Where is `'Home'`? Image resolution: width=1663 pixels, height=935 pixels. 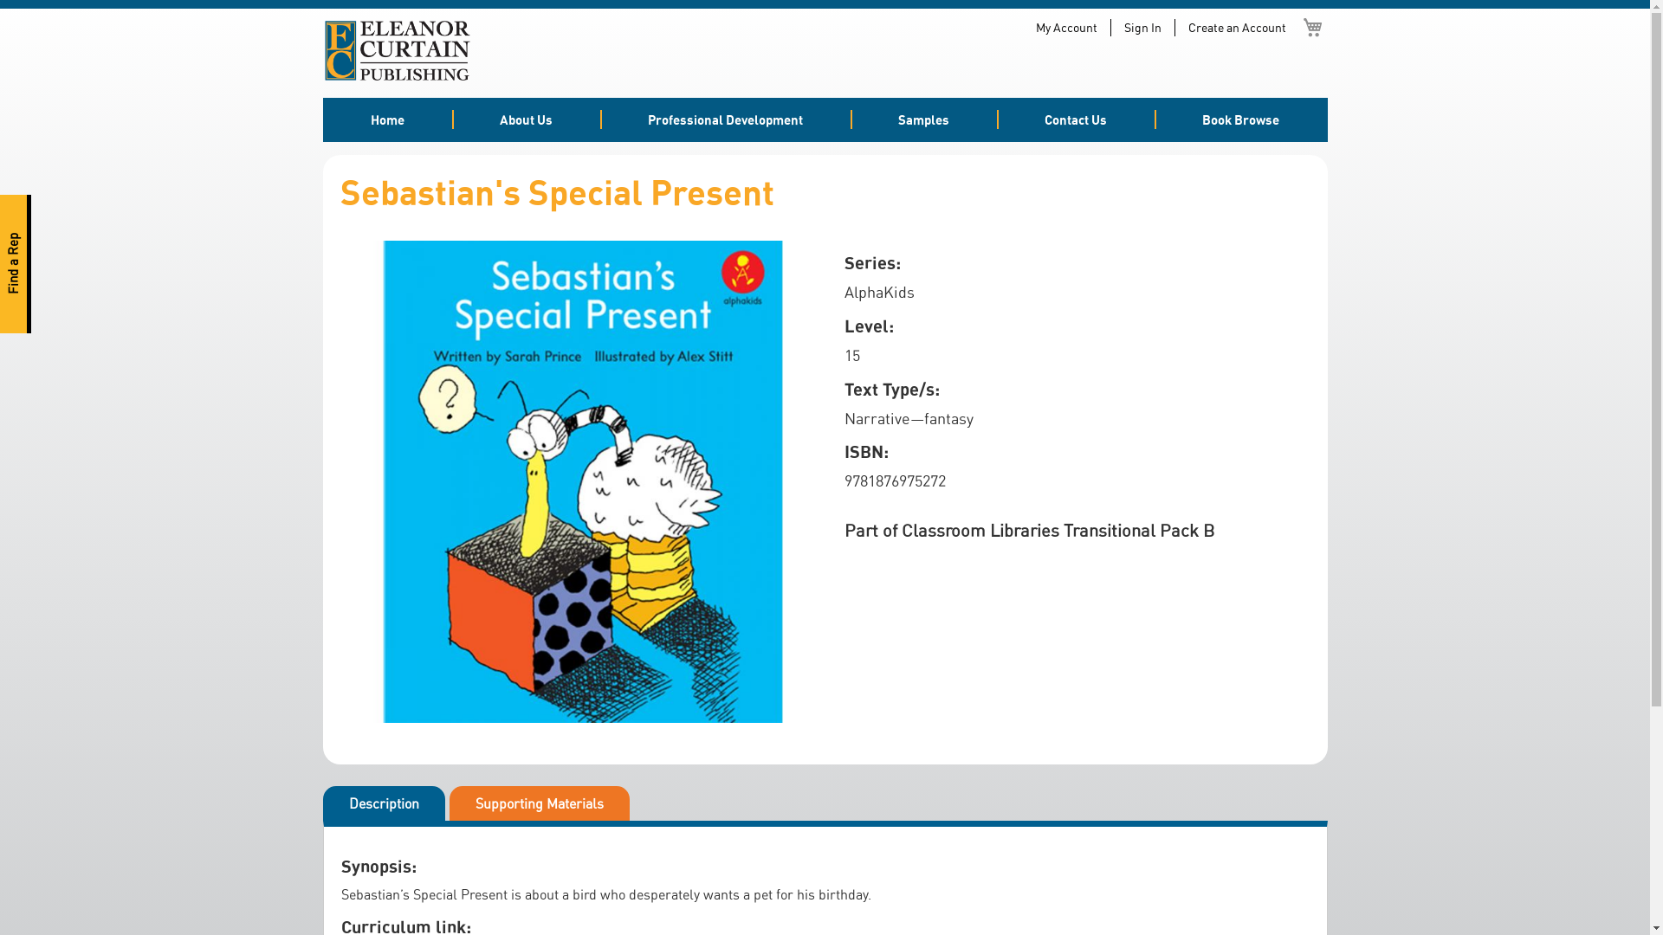
'Home' is located at coordinates (385, 119).